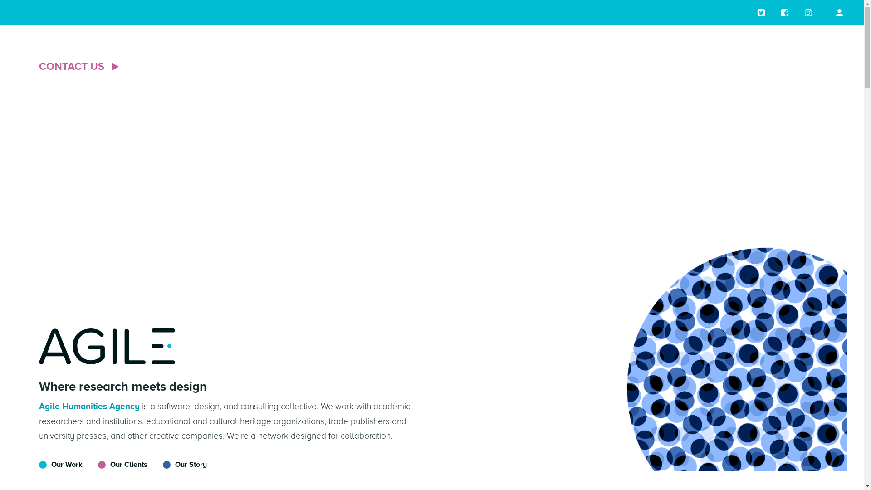 Image resolution: width=871 pixels, height=490 pixels. Describe the element at coordinates (784, 12) in the screenshot. I see `'Facebook page'` at that location.